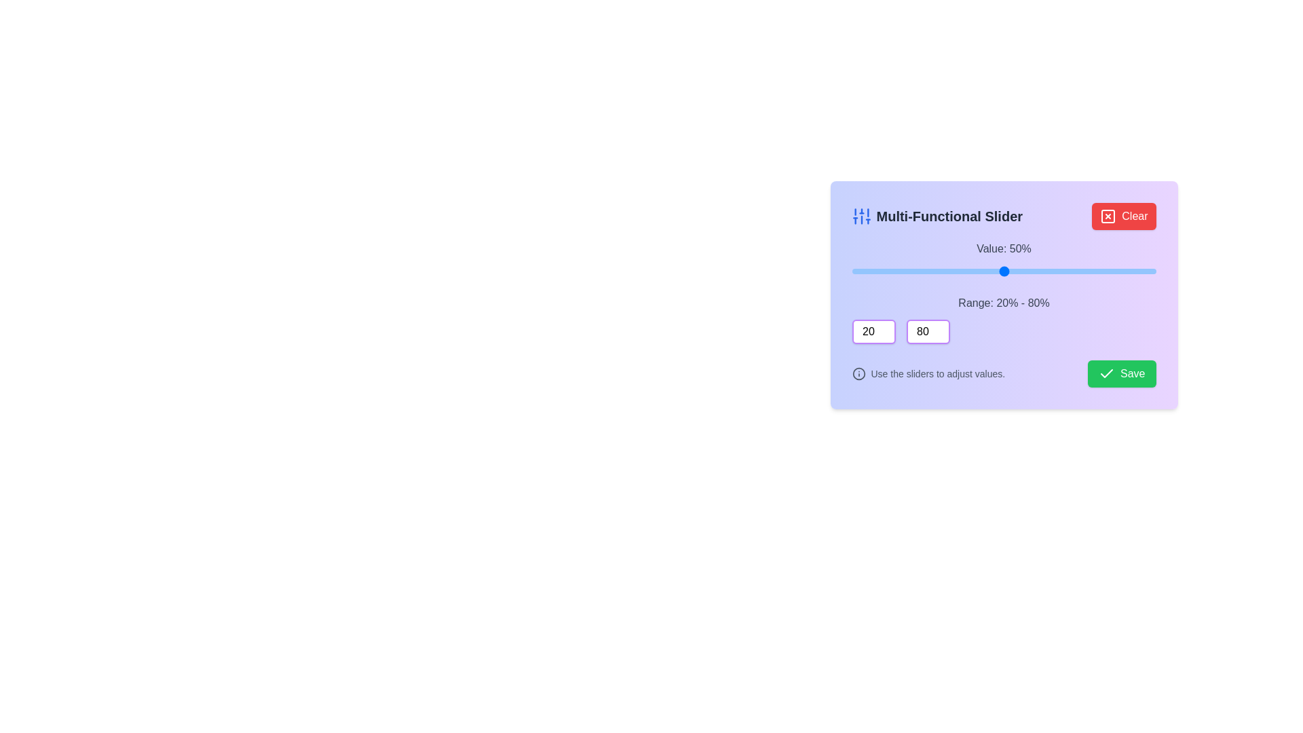  I want to click on the slider track located below the label text 'Value: 50%' to set the knob position, so click(1004, 271).